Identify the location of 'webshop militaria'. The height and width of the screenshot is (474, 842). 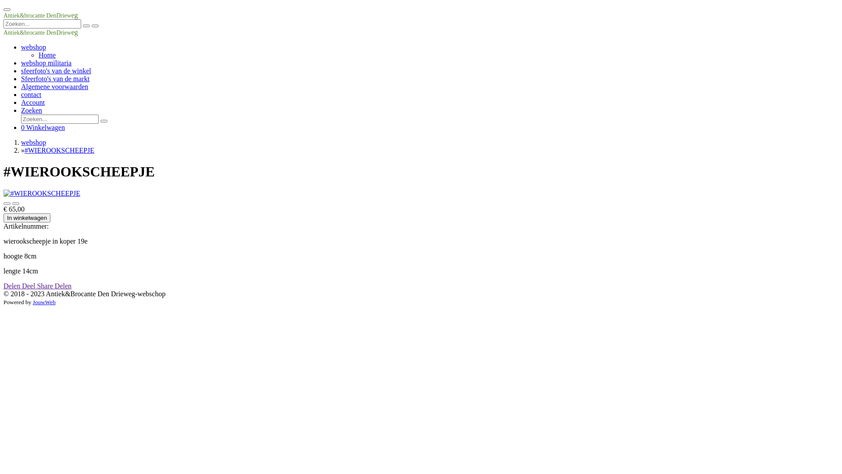
(46, 62).